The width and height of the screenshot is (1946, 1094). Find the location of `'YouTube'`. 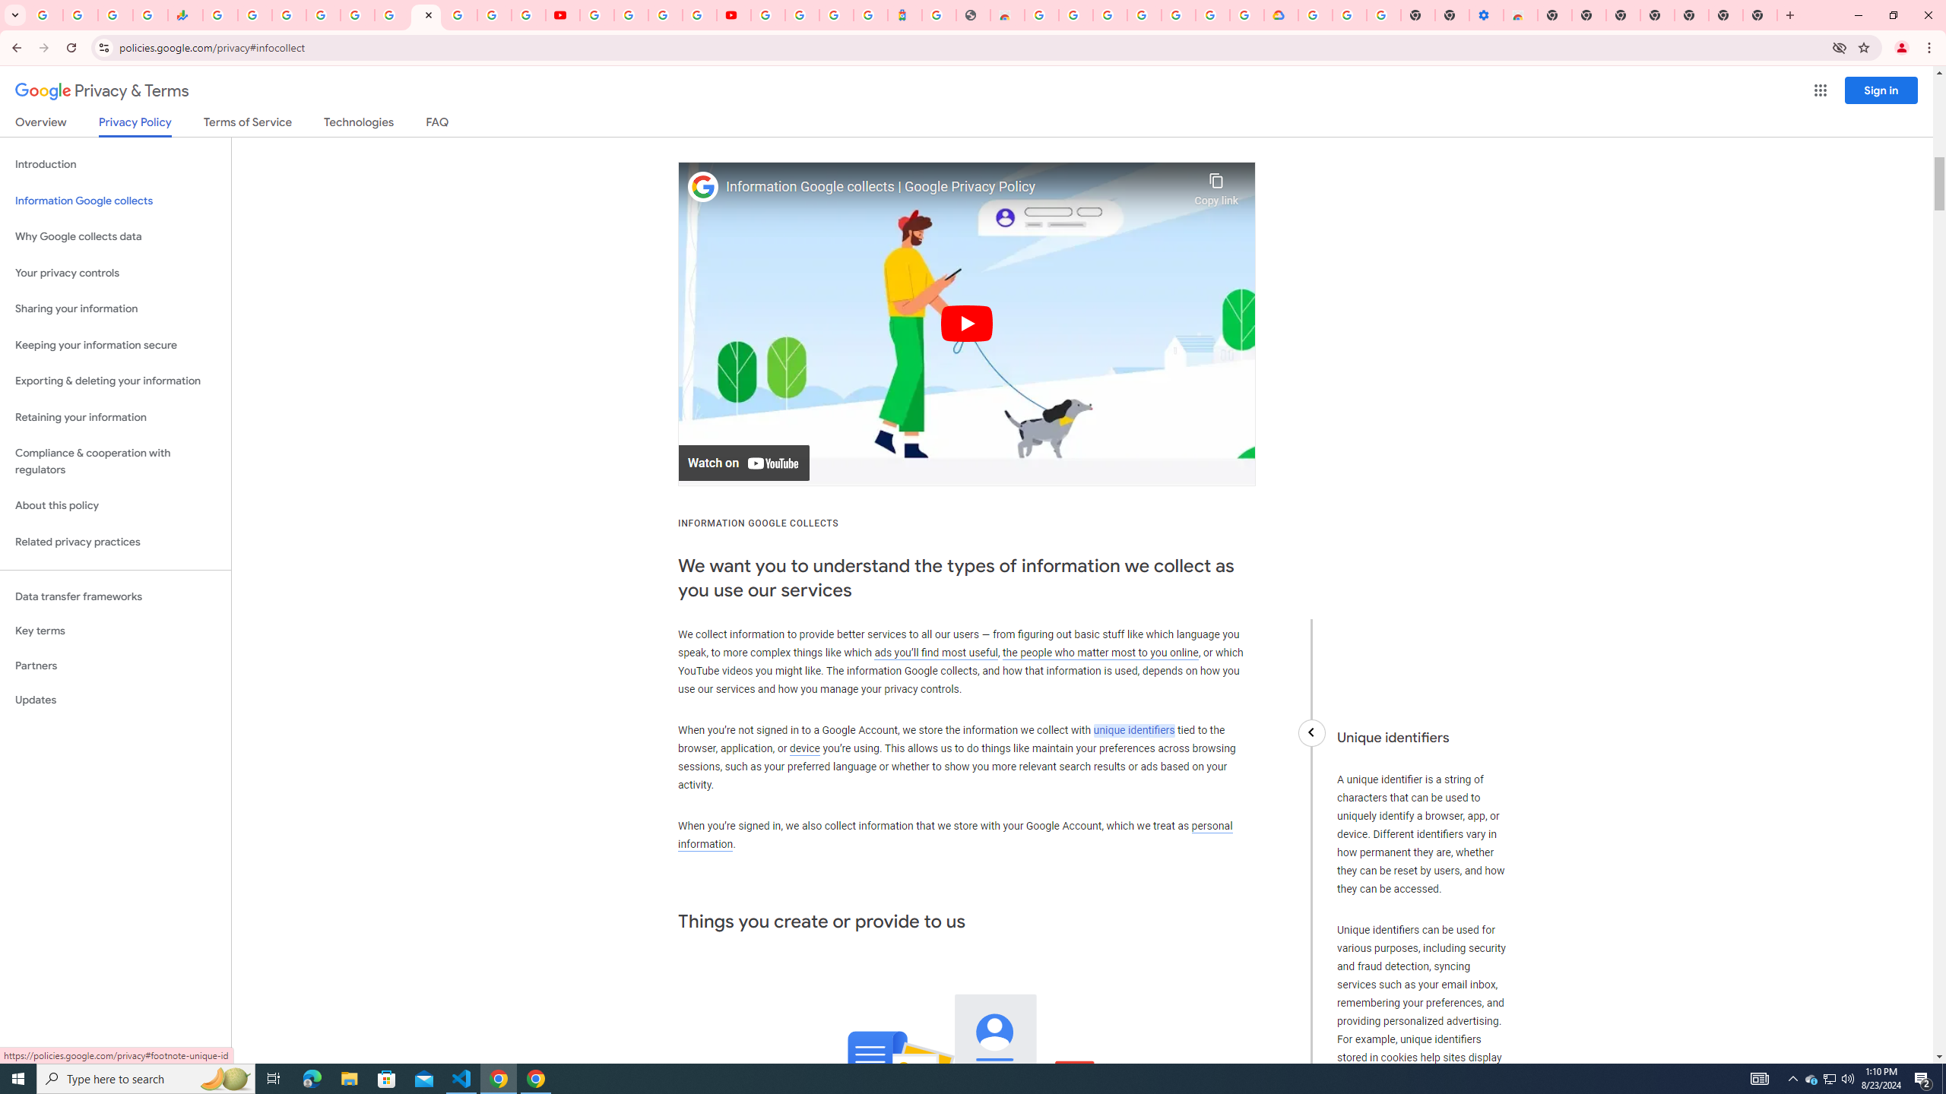

'YouTube' is located at coordinates (563, 14).